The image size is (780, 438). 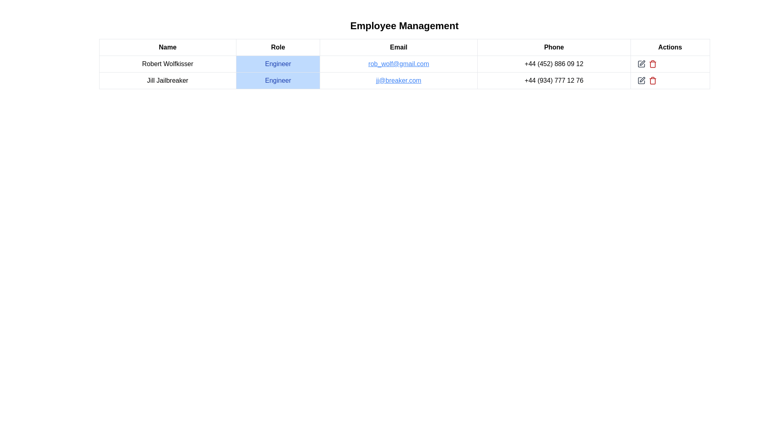 I want to click on the text label identifying the role 'Engineer' in the second column of the first row in the table, so click(x=278, y=64).